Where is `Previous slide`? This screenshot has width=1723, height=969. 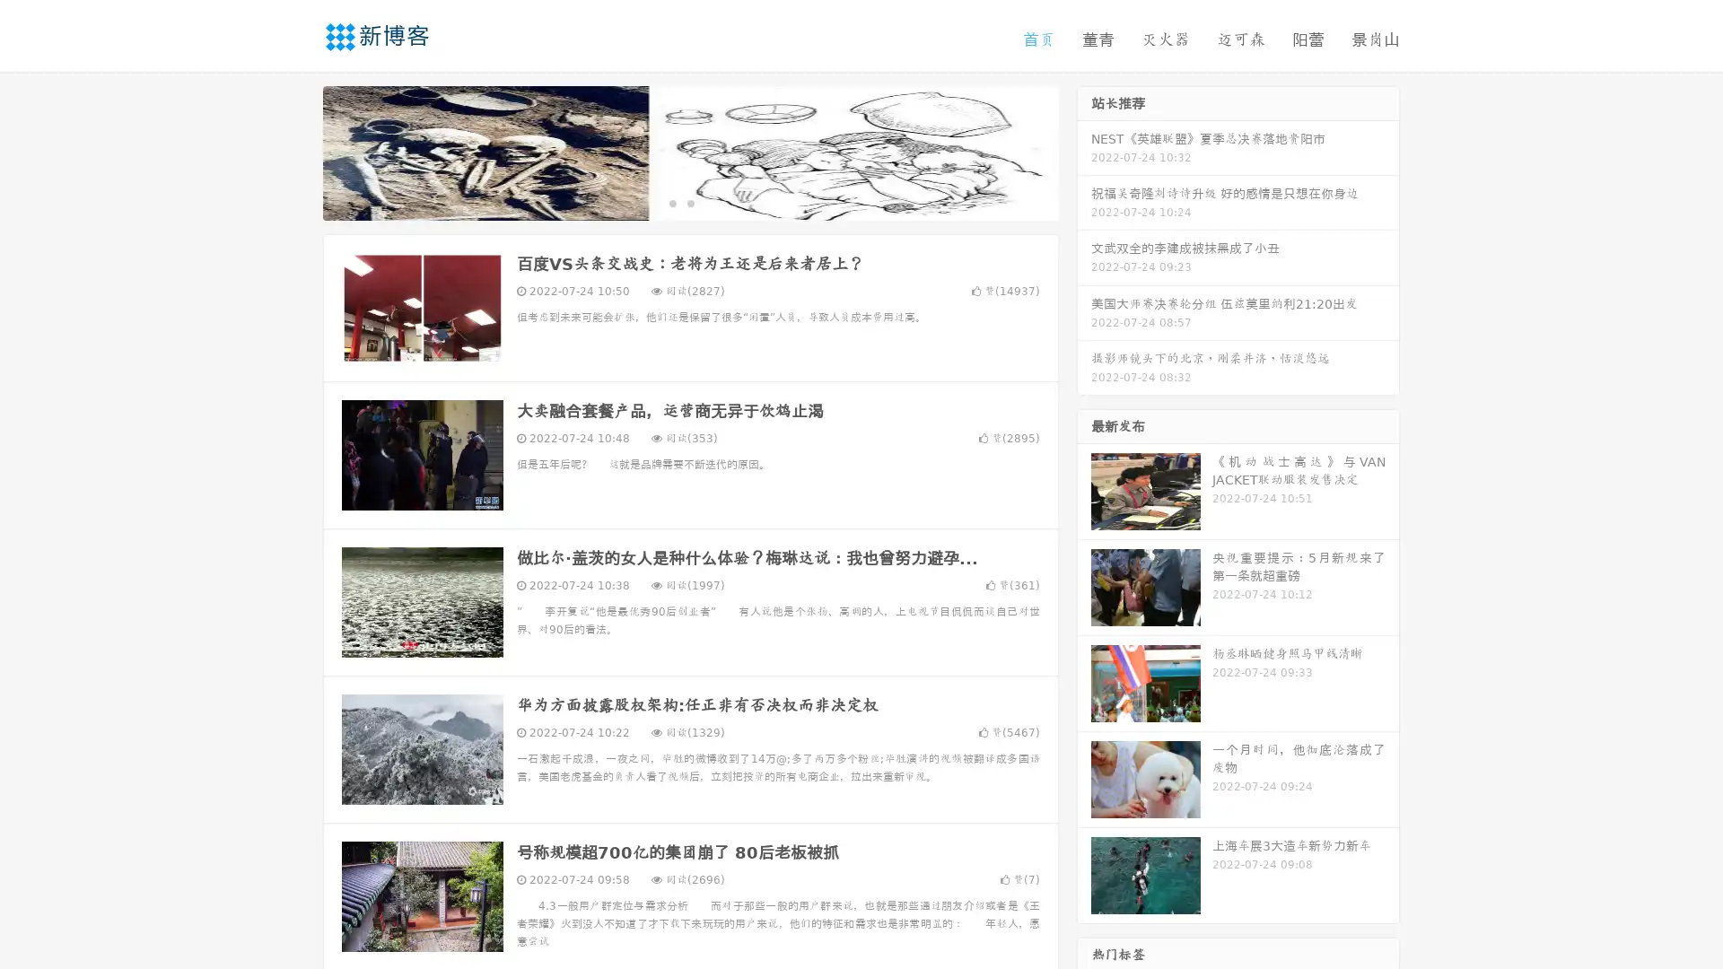 Previous slide is located at coordinates (296, 151).